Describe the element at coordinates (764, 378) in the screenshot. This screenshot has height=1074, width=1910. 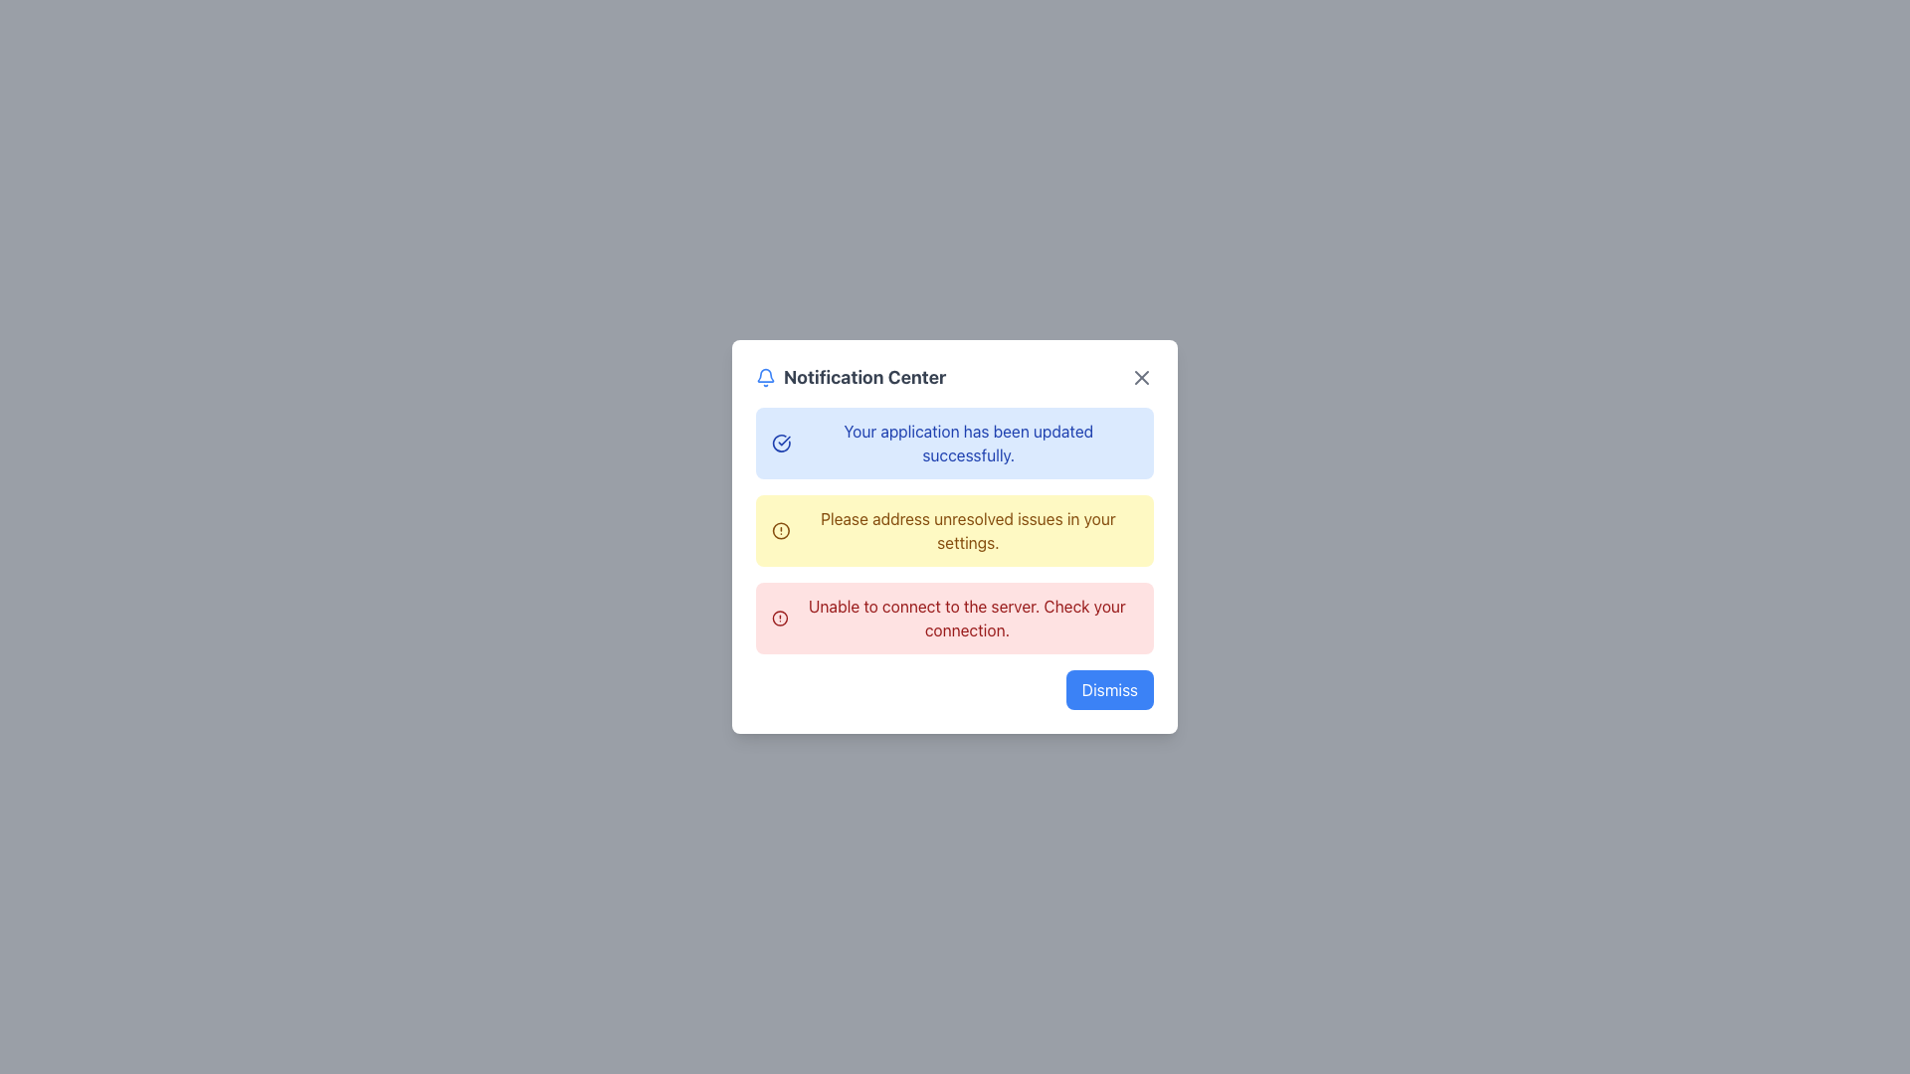
I see `the blue bell icon in the Notification Center` at that location.